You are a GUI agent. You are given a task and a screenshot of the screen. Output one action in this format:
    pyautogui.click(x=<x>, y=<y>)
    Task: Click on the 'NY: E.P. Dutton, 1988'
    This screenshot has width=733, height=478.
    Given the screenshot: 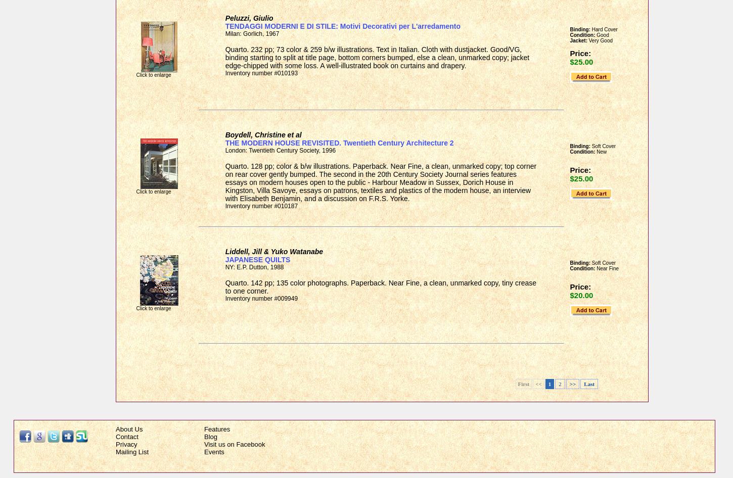 What is the action you would take?
    pyautogui.click(x=254, y=267)
    